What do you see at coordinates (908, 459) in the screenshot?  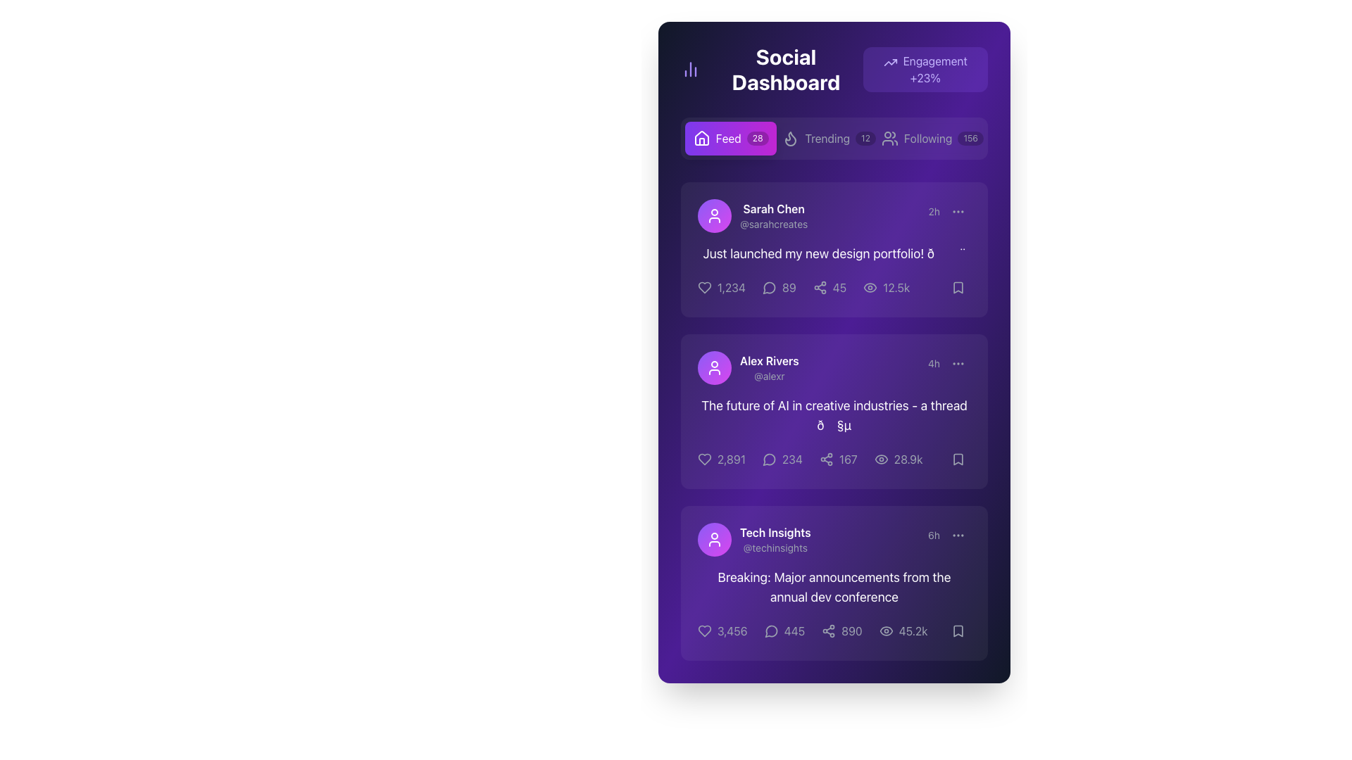 I see `the text label displaying '28.9k' in light grey font against a dark purple background, located in the bottom right corner of the second post's metrics section` at bounding box center [908, 459].